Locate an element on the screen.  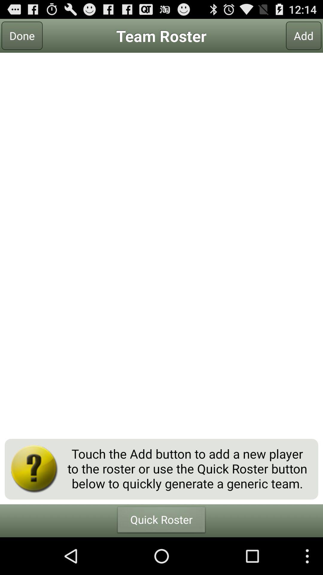
the done icon is located at coordinates (22, 35).